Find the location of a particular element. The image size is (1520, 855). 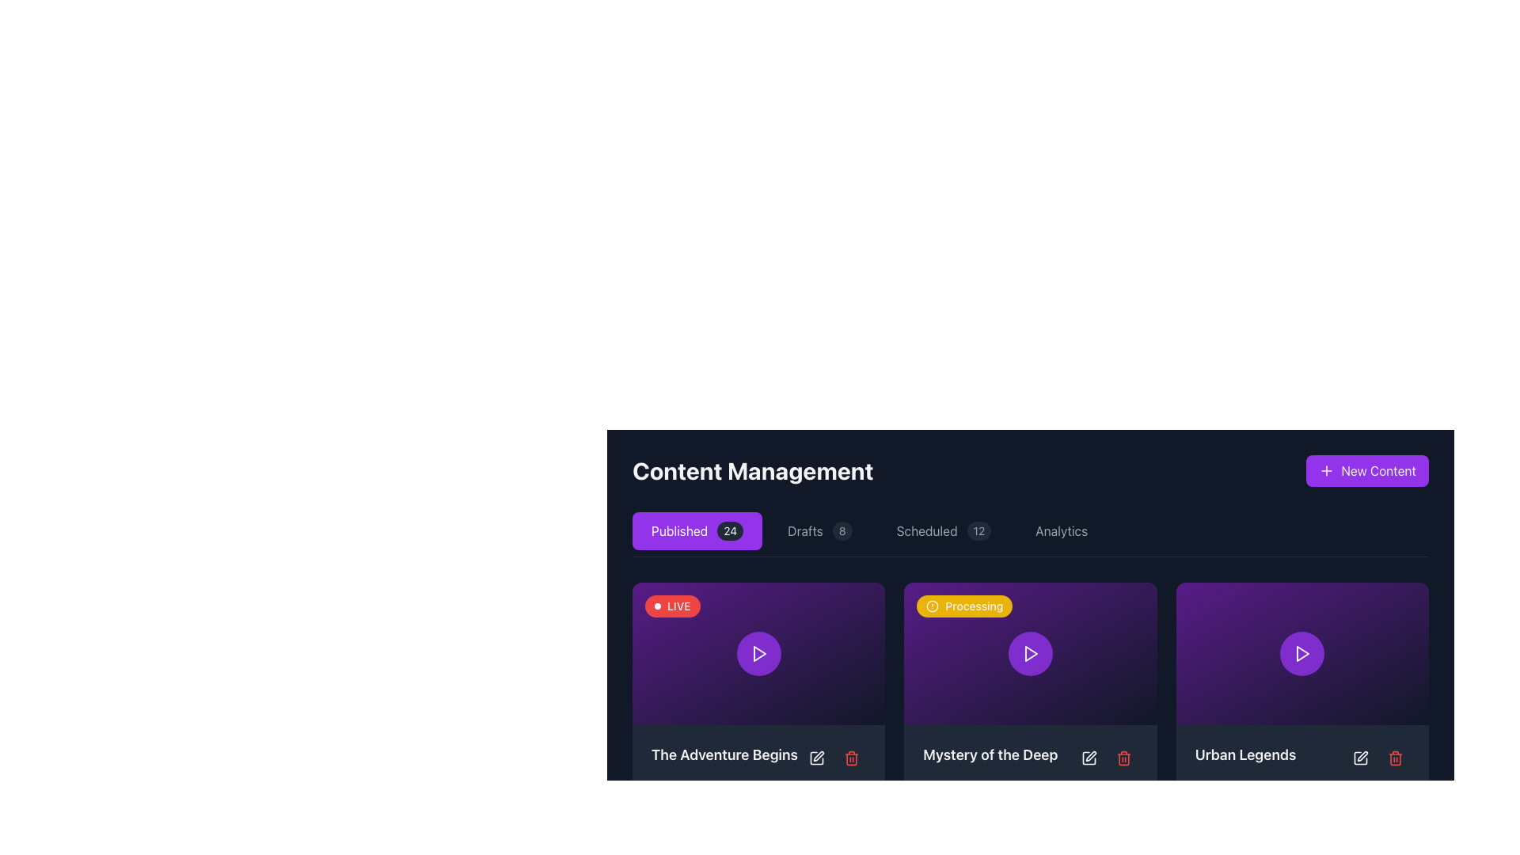

the 'New Content' text label on the button with a purple background is located at coordinates (1377, 469).